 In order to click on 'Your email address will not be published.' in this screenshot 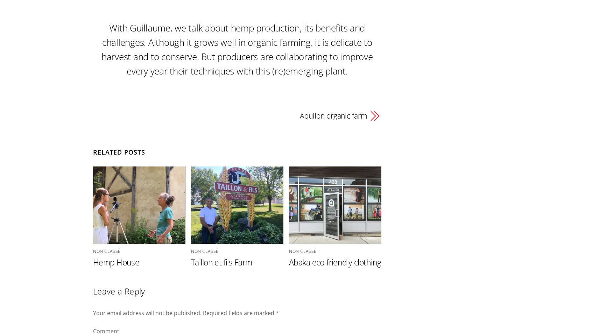, I will do `click(93, 312)`.